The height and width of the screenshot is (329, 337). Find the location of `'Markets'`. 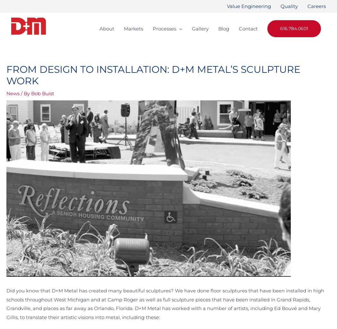

'Markets' is located at coordinates (133, 28).